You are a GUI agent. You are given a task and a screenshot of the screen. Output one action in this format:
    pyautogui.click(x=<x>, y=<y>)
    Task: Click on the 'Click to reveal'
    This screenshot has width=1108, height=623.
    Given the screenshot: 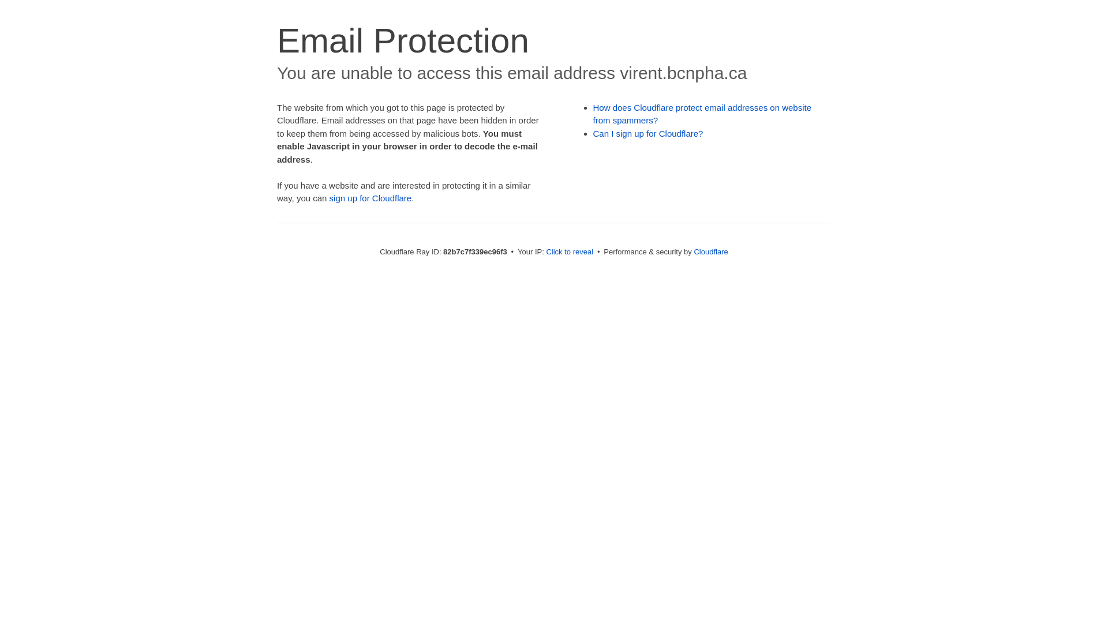 What is the action you would take?
    pyautogui.click(x=545, y=251)
    